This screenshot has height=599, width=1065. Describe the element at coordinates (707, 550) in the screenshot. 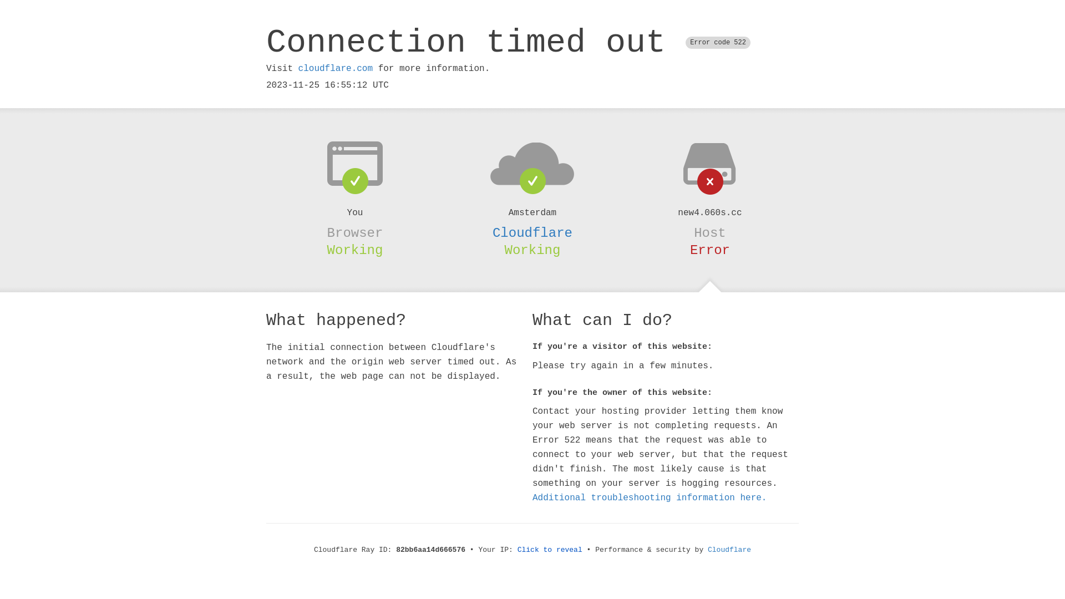

I see `'Cloudflare'` at that location.